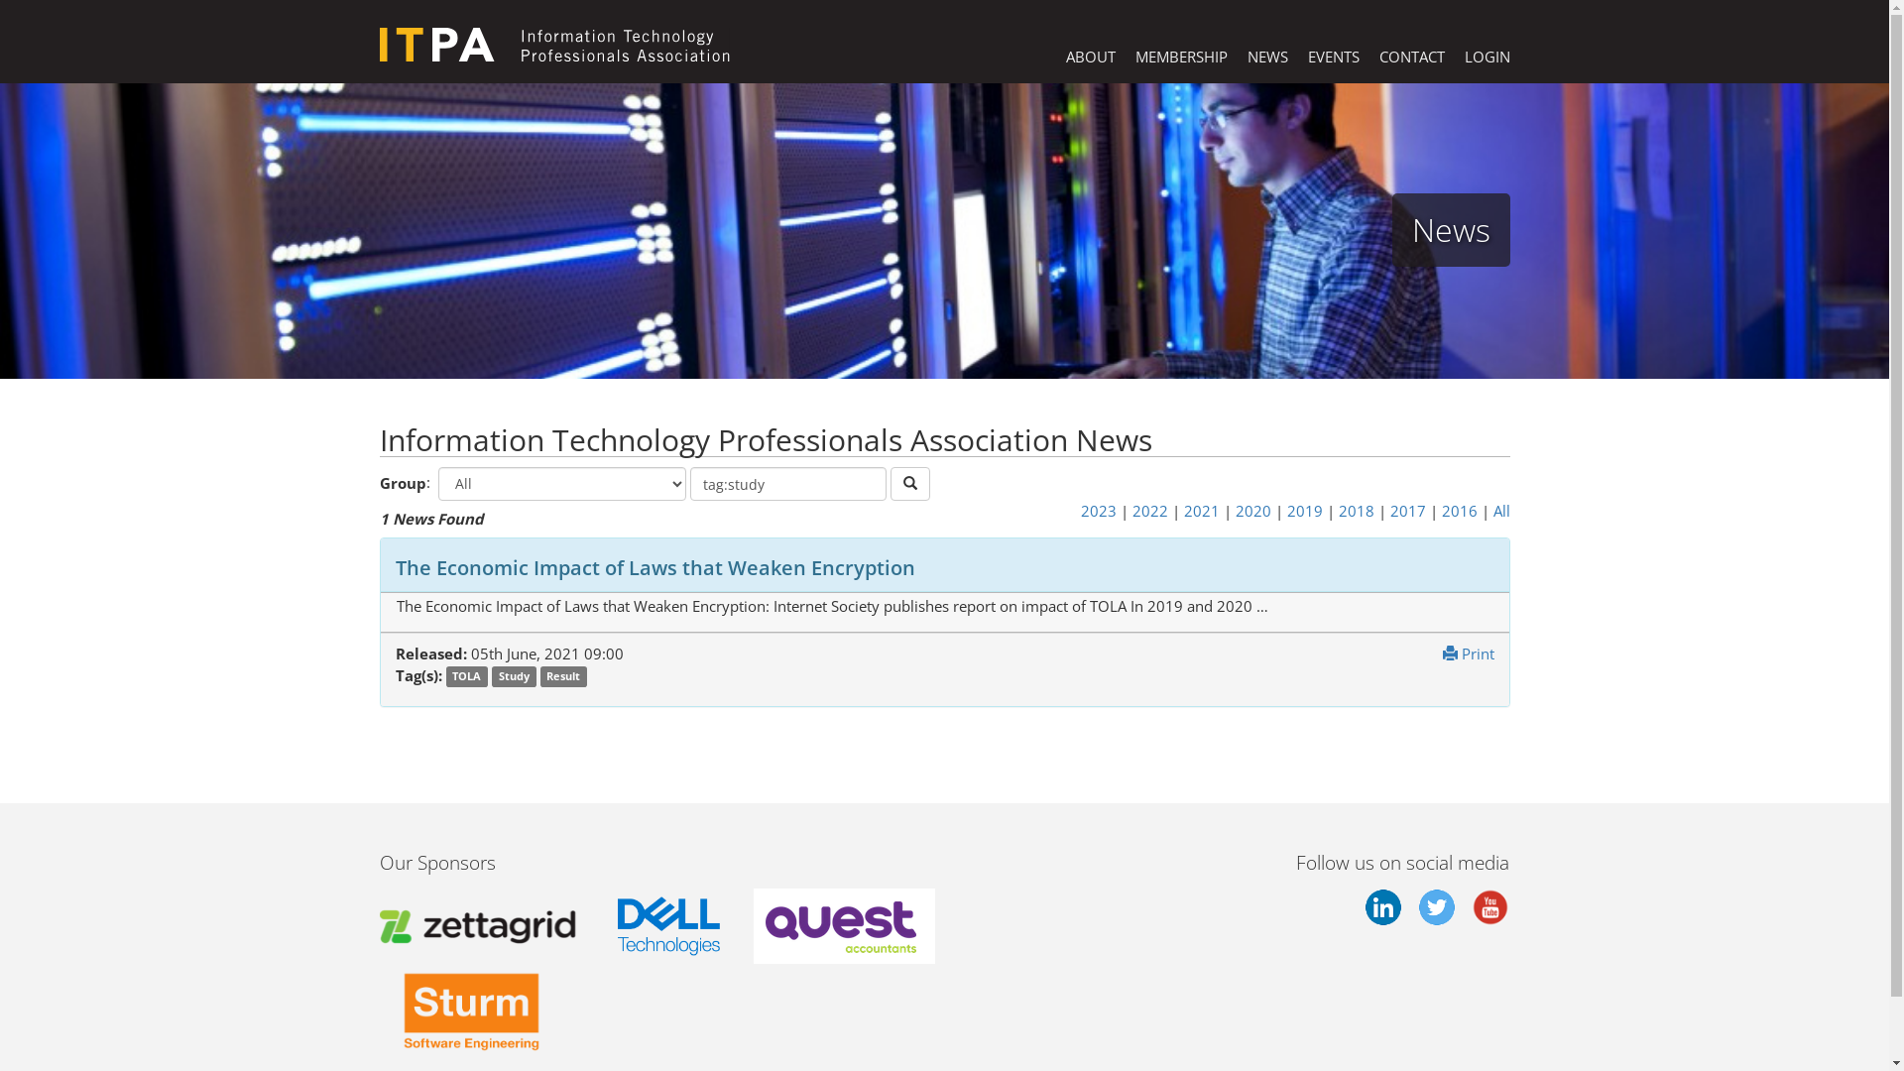  I want to click on 'Sturm Software Engineering', so click(470, 1010).